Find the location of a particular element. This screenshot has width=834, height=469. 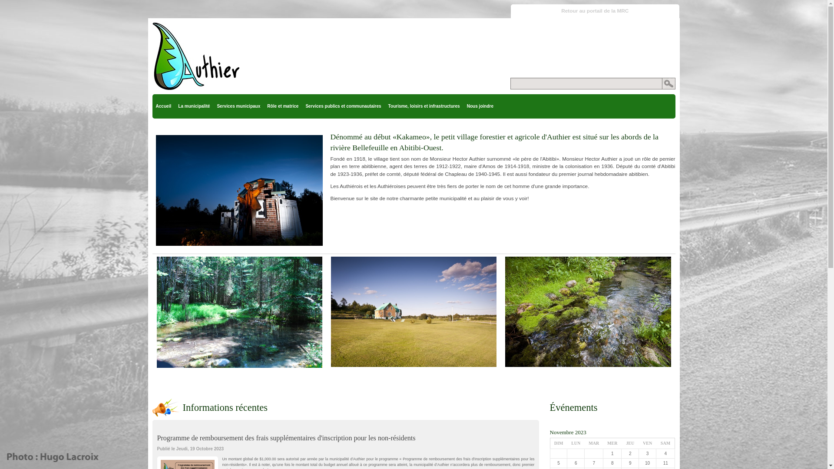

'Nous joindre' is located at coordinates (480, 106).